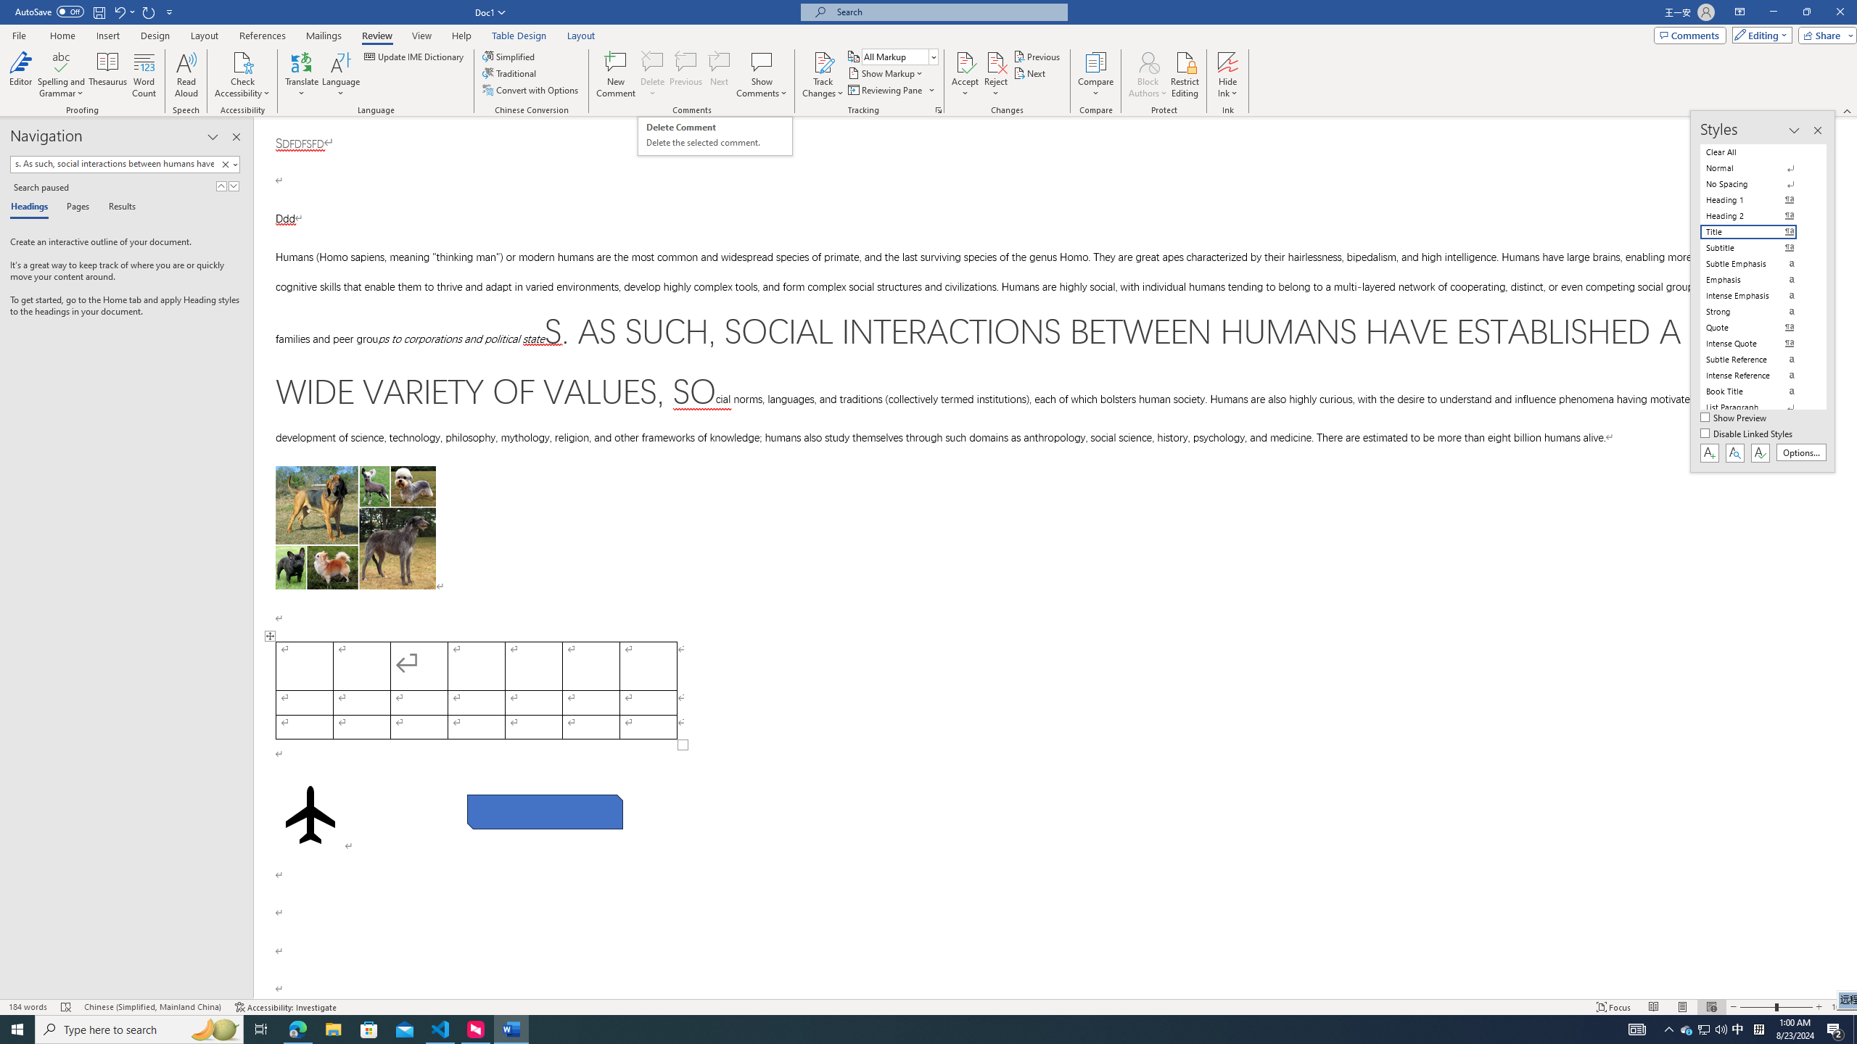 The image size is (1857, 1044). Describe the element at coordinates (651, 75) in the screenshot. I see `'Delete'` at that location.